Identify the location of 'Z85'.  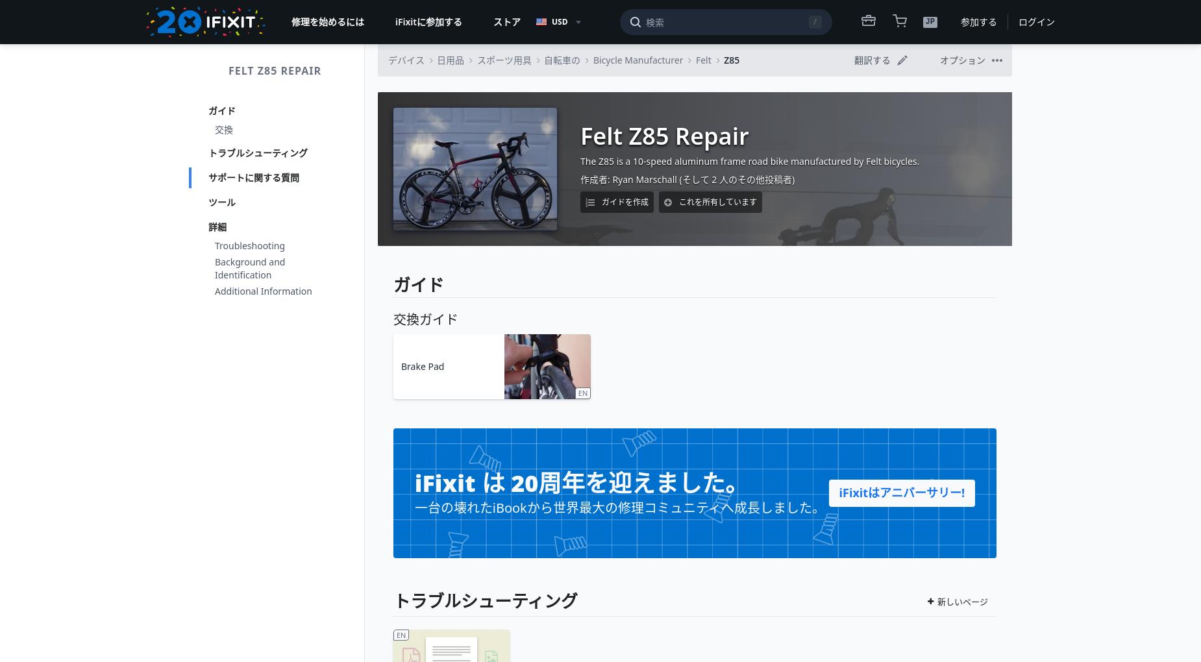
(731, 59).